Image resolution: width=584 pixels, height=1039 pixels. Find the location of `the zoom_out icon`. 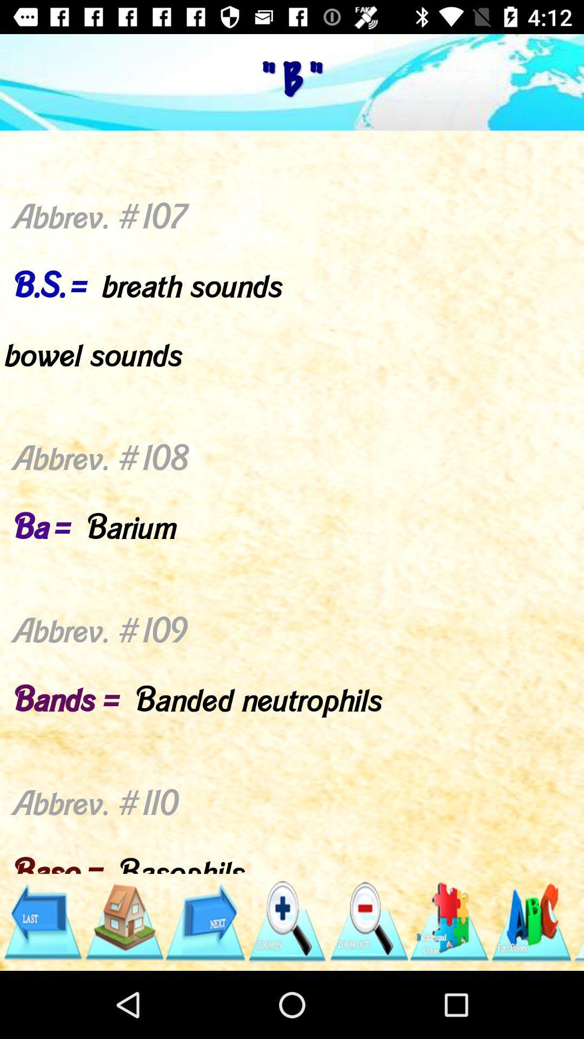

the zoom_out icon is located at coordinates (368, 921).